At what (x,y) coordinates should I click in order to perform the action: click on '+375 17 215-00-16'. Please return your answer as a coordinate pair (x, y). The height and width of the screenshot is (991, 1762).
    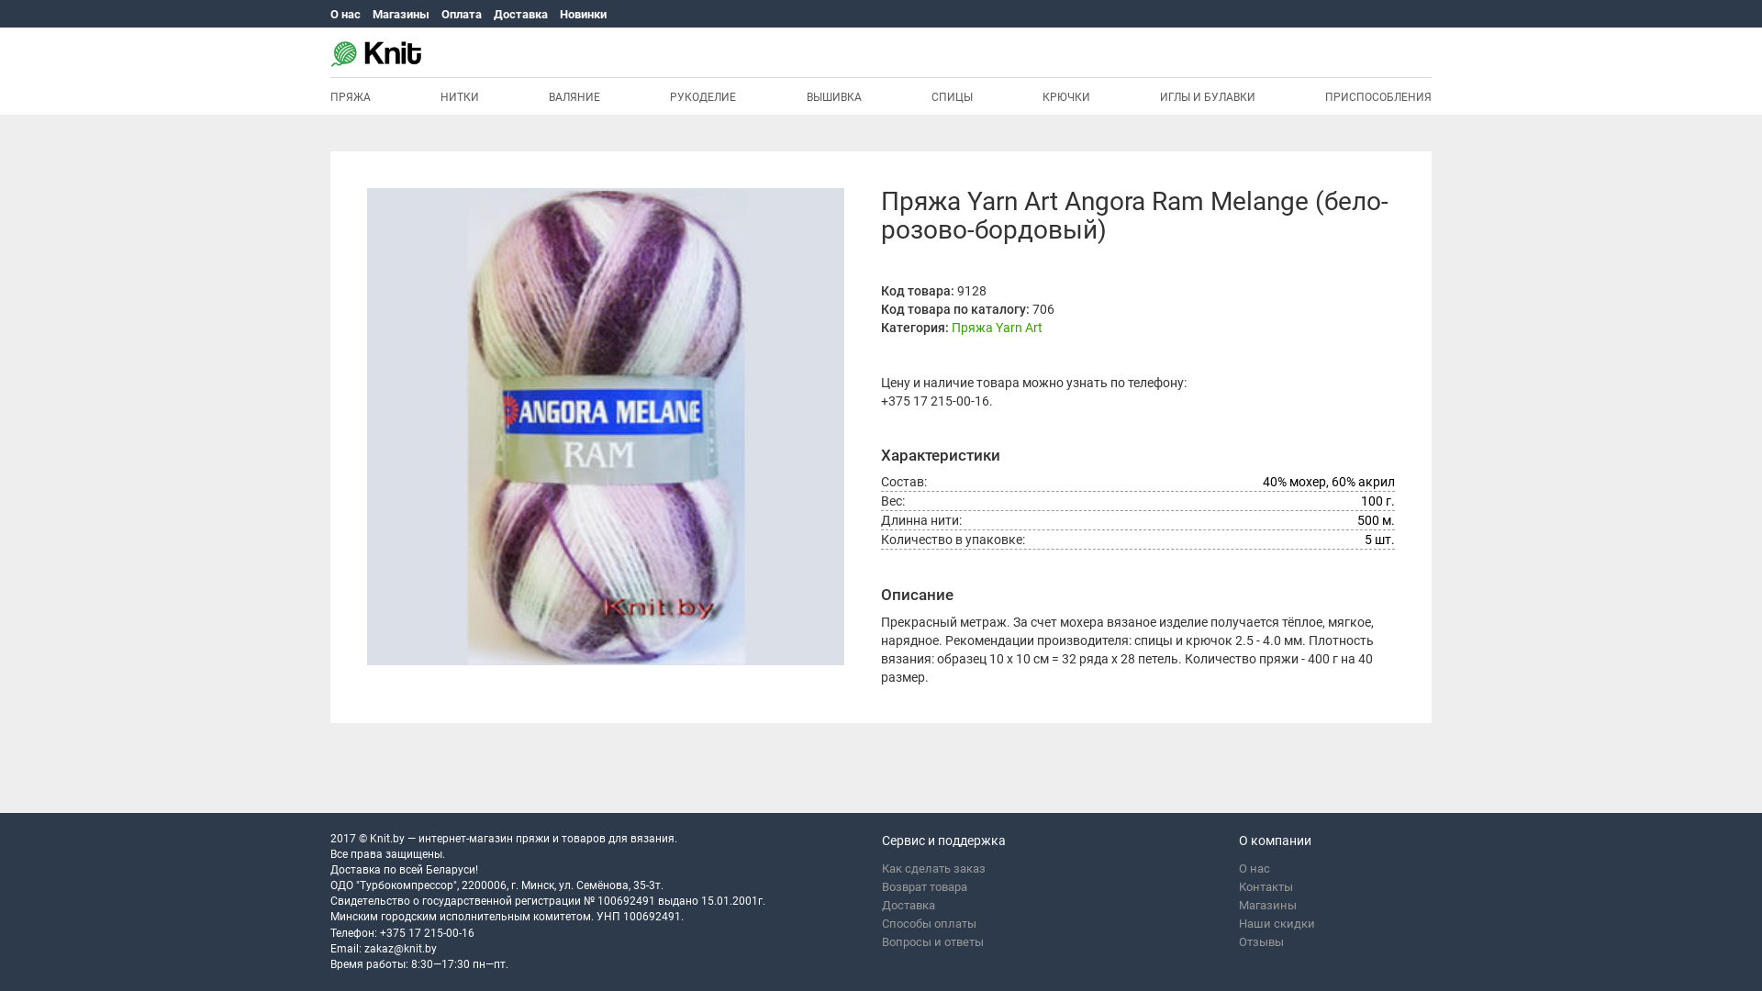
    Looking at the image, I should click on (934, 399).